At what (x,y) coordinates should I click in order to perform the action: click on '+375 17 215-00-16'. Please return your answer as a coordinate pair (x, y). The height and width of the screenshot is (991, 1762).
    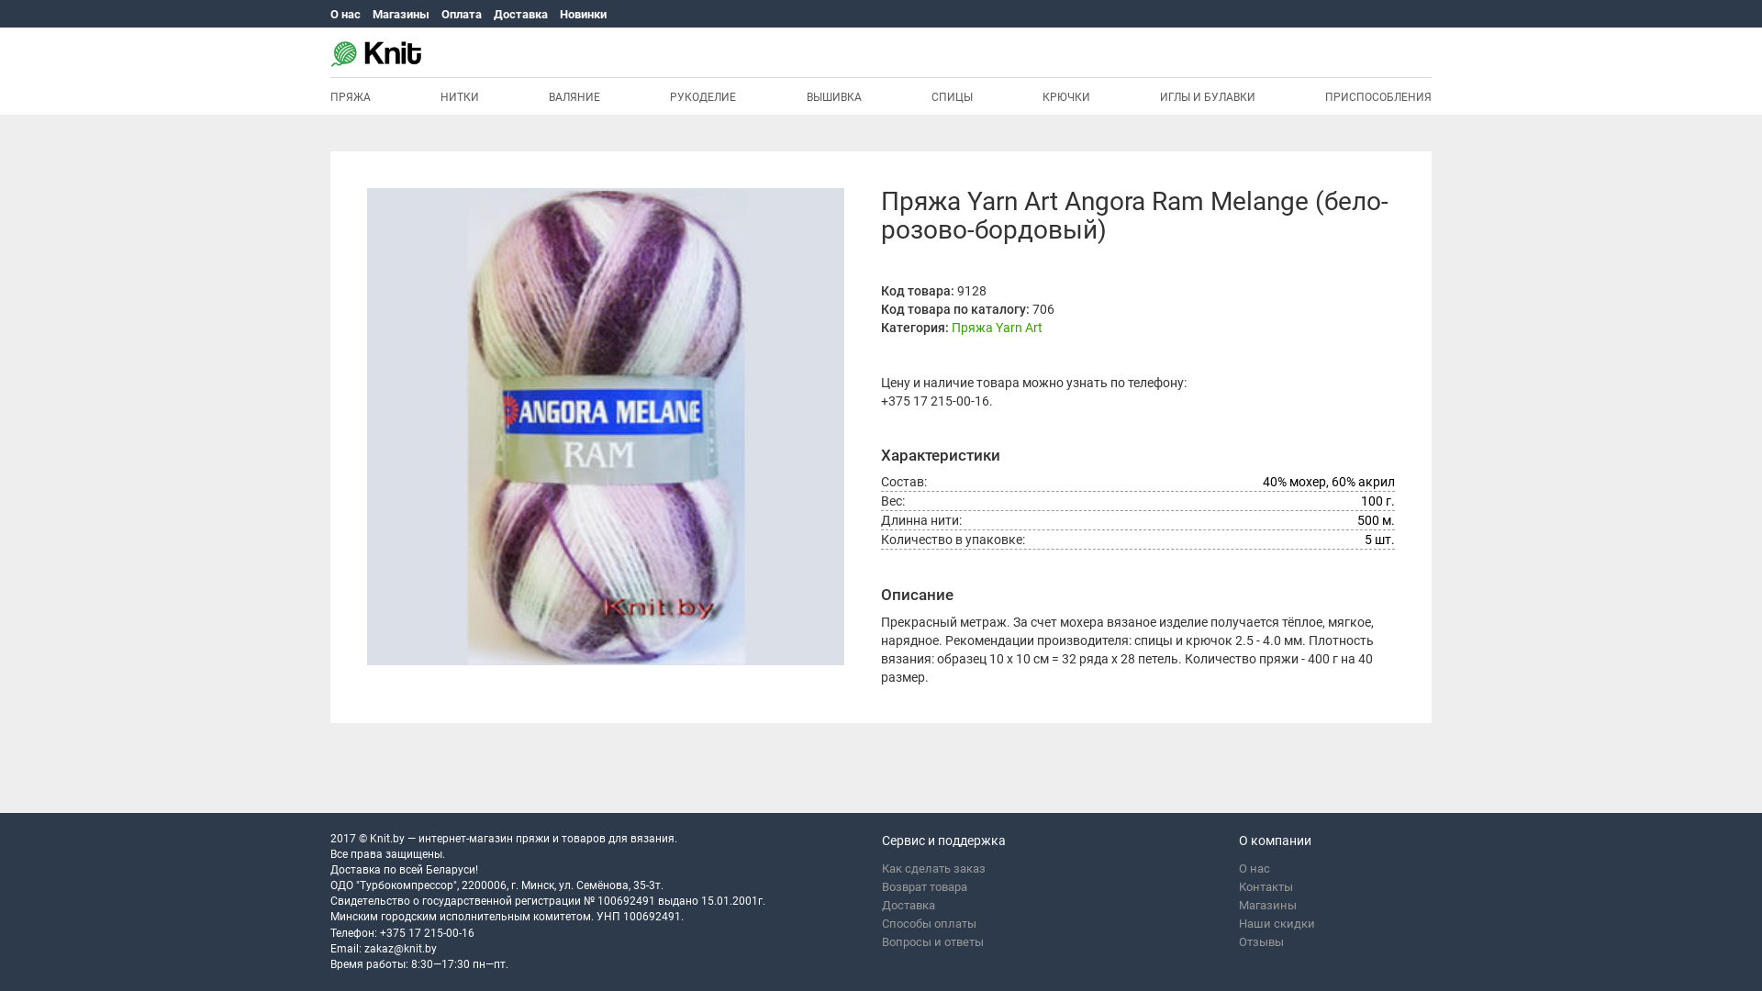
    Looking at the image, I should click on (934, 399).